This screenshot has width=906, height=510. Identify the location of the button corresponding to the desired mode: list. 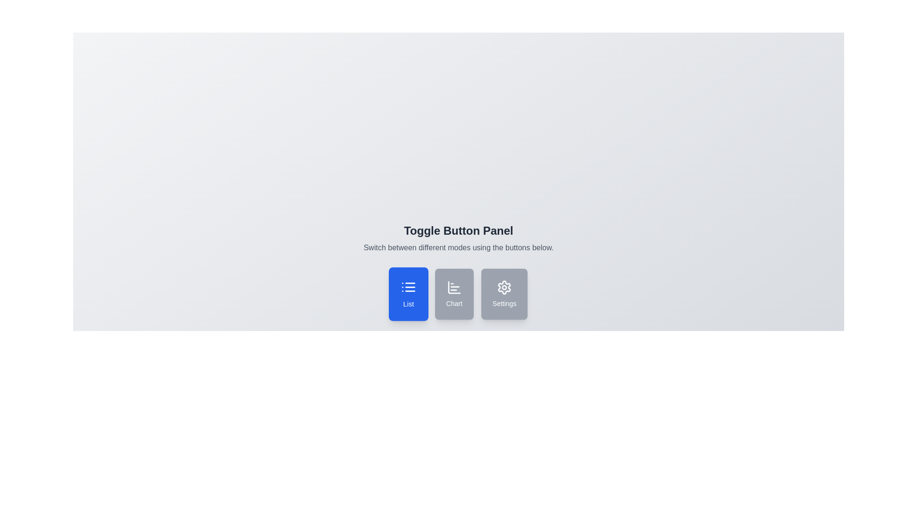
(408, 294).